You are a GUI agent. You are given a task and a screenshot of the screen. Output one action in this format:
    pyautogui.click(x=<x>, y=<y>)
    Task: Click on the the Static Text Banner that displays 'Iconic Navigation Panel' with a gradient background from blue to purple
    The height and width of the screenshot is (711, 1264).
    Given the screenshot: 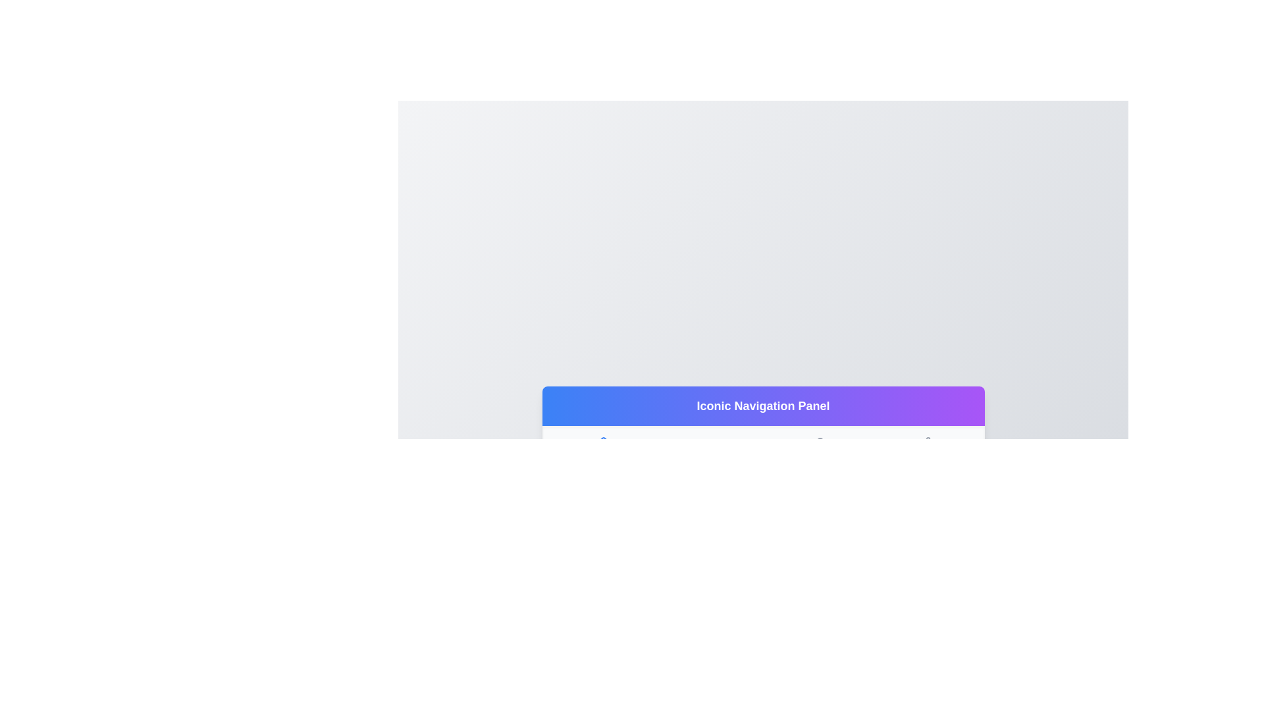 What is the action you would take?
    pyautogui.click(x=763, y=406)
    